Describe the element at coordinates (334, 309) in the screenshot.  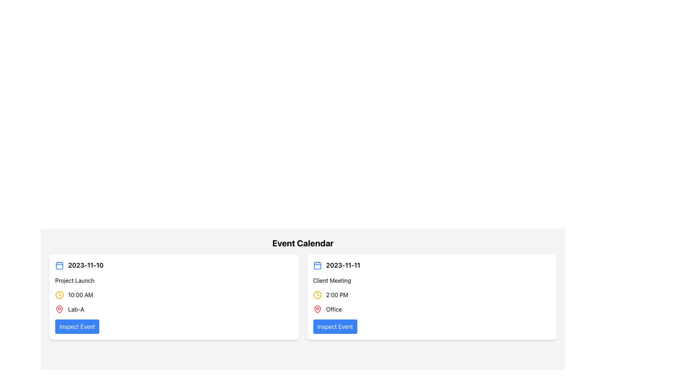
I see `the text label reading 'Office', which is styled in a standard sans-serif font and located under the '2:00 PM' timestamp, adjacent to a red location pin icon` at that location.